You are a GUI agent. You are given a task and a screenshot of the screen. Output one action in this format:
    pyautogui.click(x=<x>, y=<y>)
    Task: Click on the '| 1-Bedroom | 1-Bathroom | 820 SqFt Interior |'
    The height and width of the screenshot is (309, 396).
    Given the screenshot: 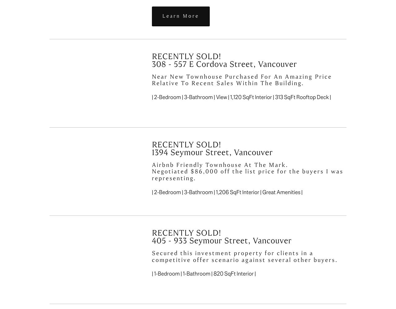 What is the action you would take?
    pyautogui.click(x=204, y=273)
    